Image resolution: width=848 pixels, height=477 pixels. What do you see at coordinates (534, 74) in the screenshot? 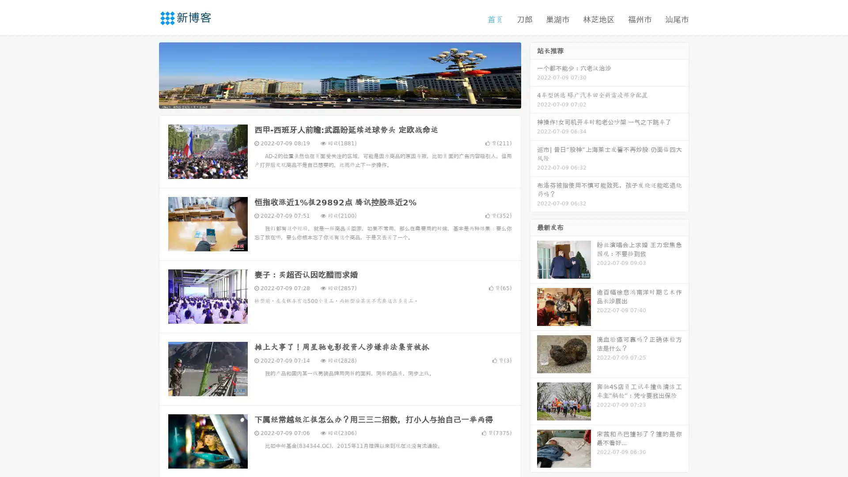
I see `Next slide` at bounding box center [534, 74].